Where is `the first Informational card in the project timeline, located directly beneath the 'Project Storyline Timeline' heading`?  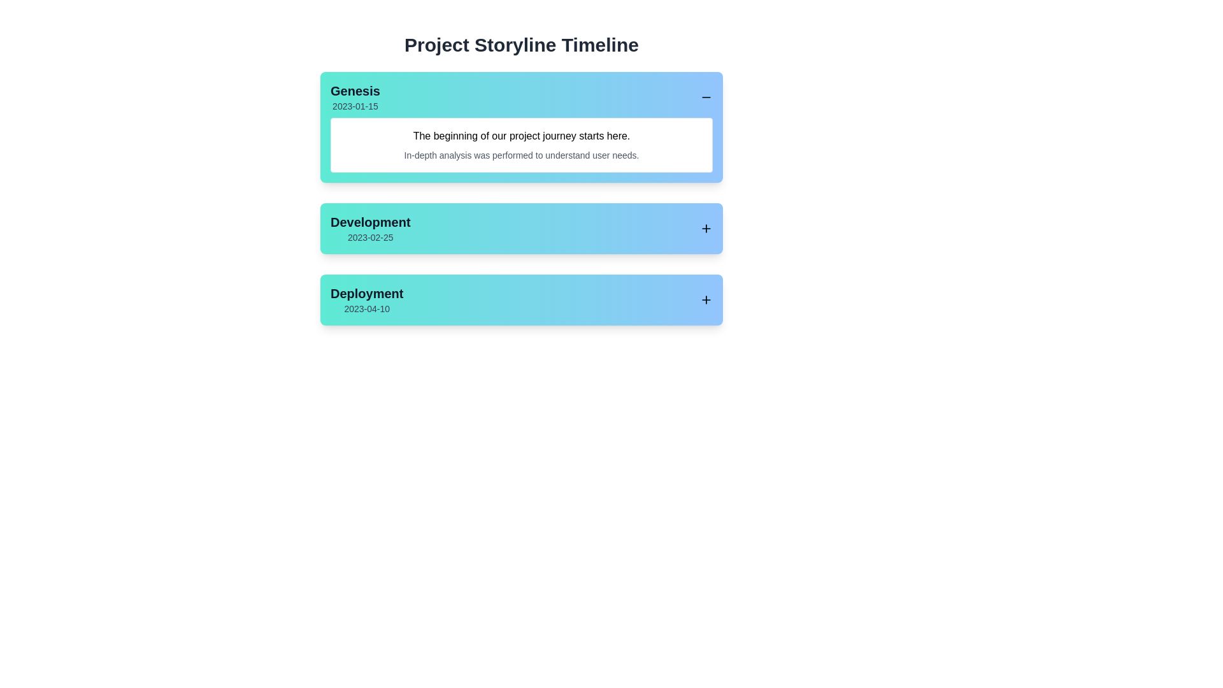
the first Informational card in the project timeline, located directly beneath the 'Project Storyline Timeline' heading is located at coordinates (522, 127).